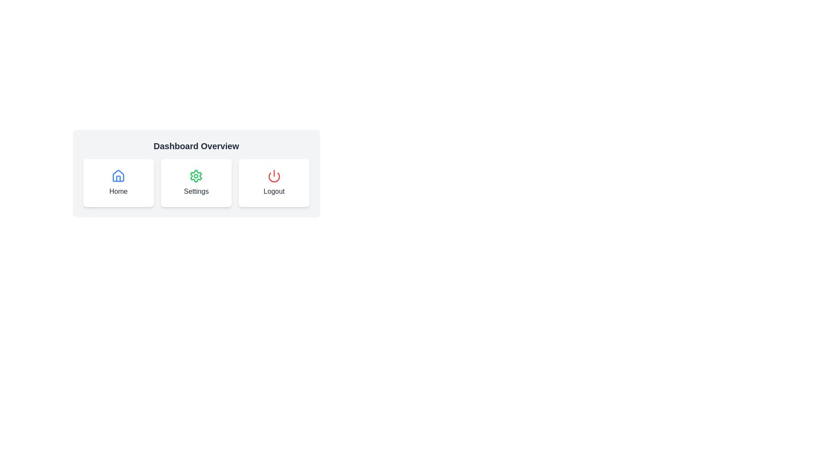 This screenshot has width=824, height=463. I want to click on the 'Settings' label, which is centrally positioned within a white card under a green gear icon in the middle of three horizontally arranged cards, so click(196, 191).